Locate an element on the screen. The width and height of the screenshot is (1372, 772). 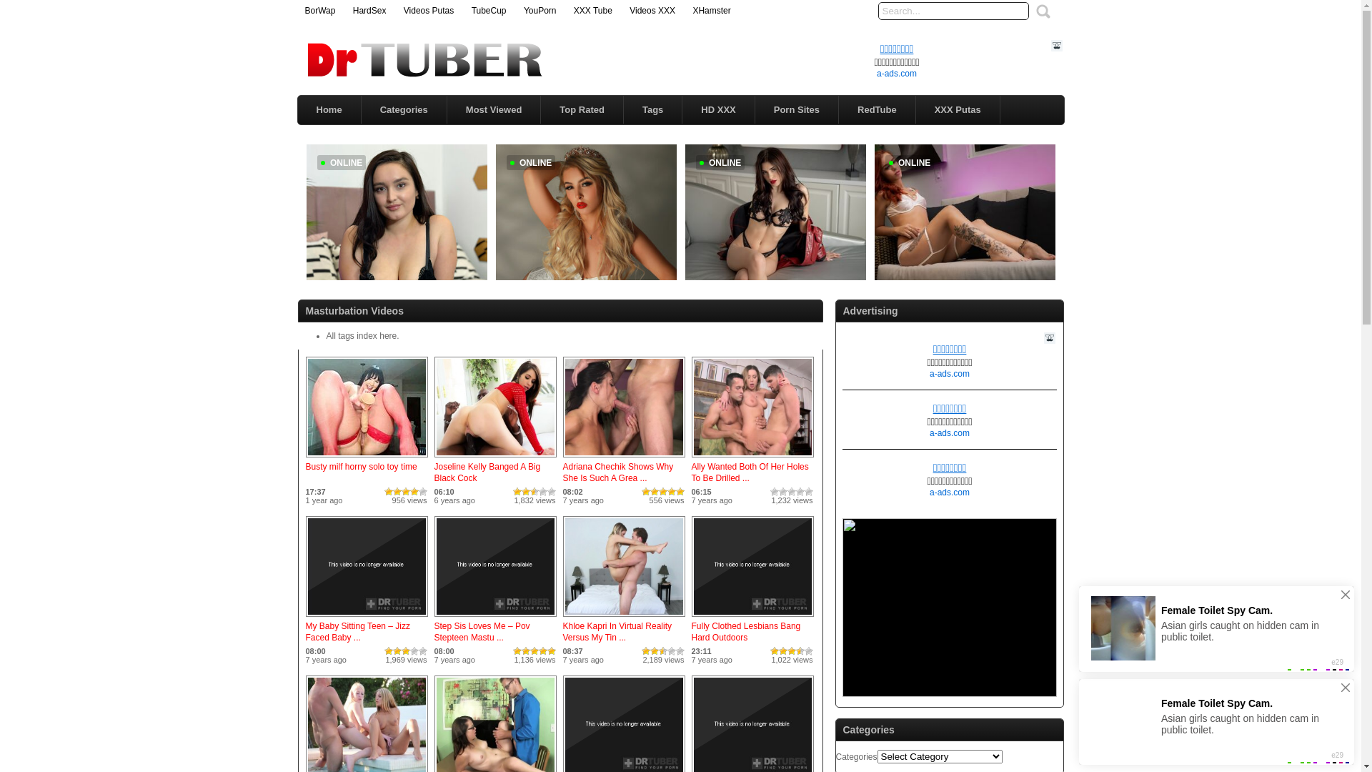
'Fully Clothed Lesbians Bang Hard Outdoors' is located at coordinates (752, 617).